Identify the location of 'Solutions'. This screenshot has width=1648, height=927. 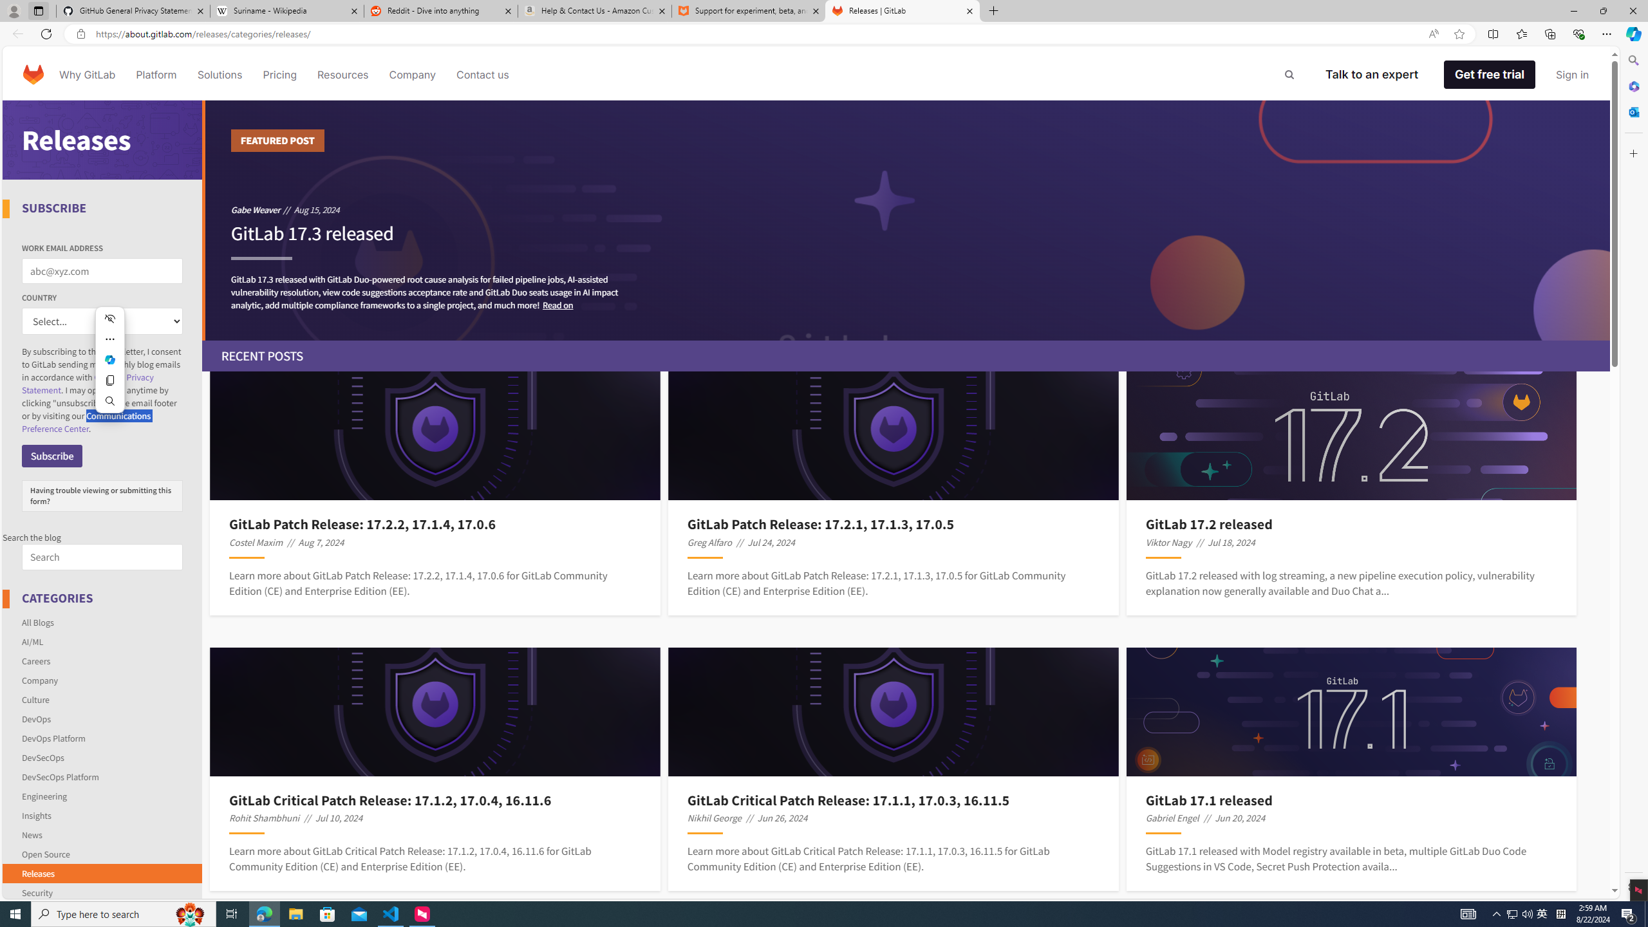
(218, 73).